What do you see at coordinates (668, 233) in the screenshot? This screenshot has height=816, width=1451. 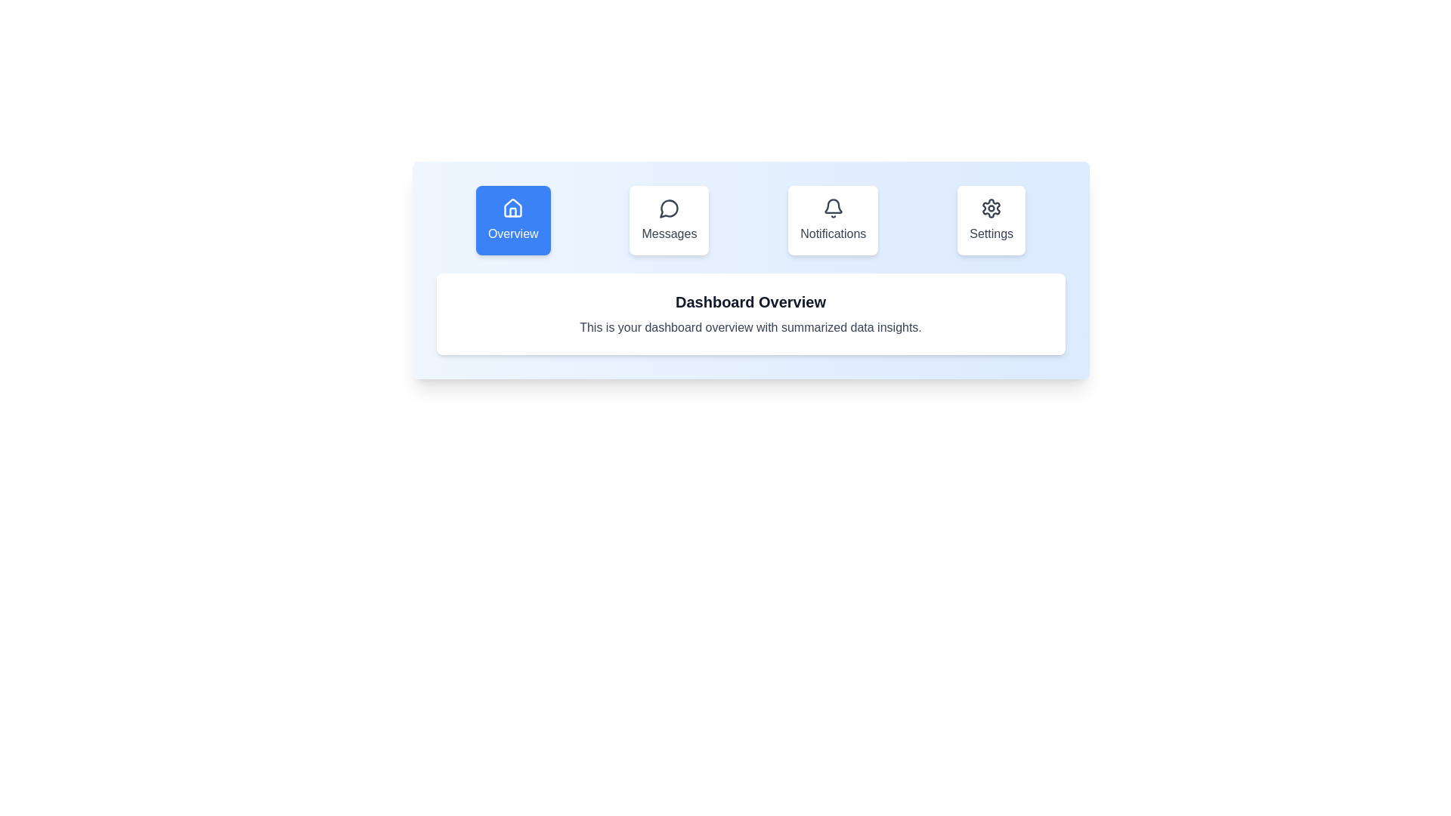 I see `the text label that says 'Messages', which is styled in dark gray and located below a message bubble icon inside a light gray card` at bounding box center [668, 233].